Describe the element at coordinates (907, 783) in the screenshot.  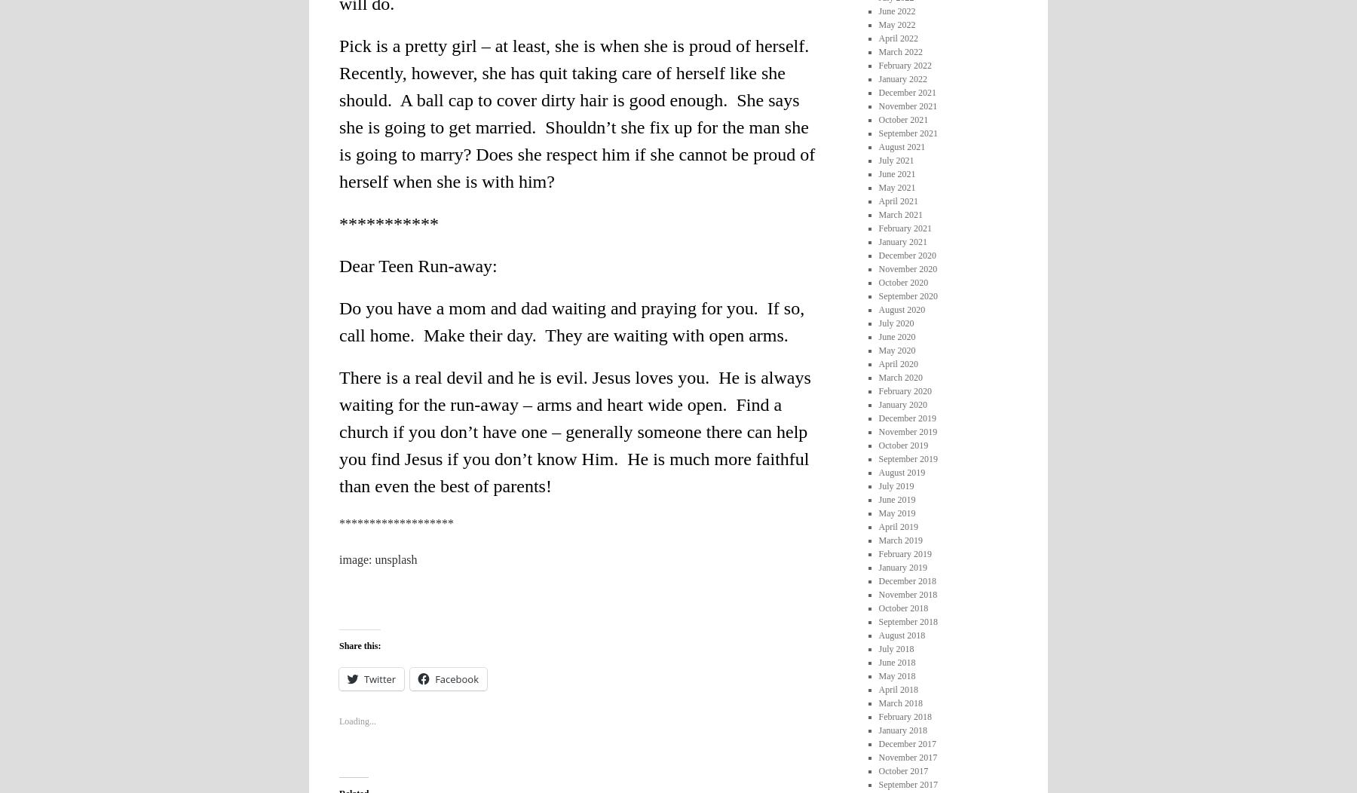
I see `'September 2017'` at that location.